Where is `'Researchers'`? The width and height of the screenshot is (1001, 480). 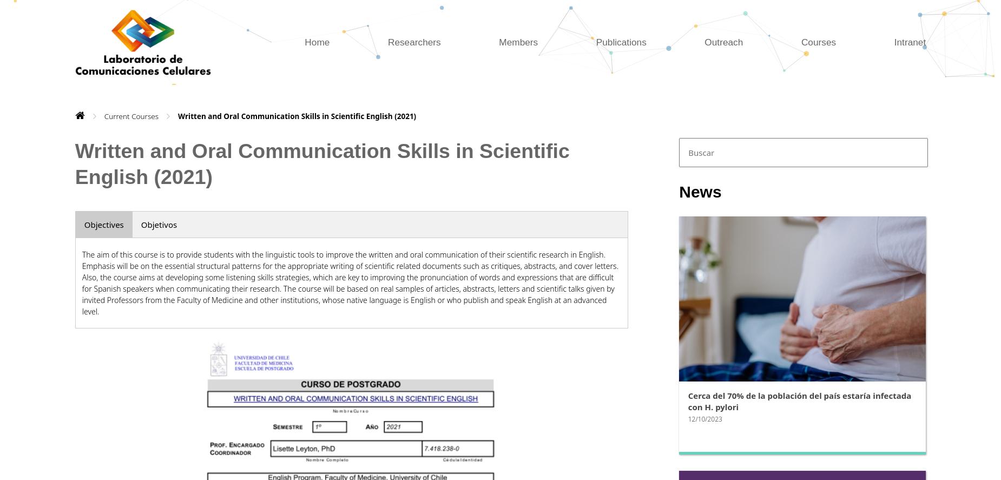 'Researchers' is located at coordinates (387, 41).